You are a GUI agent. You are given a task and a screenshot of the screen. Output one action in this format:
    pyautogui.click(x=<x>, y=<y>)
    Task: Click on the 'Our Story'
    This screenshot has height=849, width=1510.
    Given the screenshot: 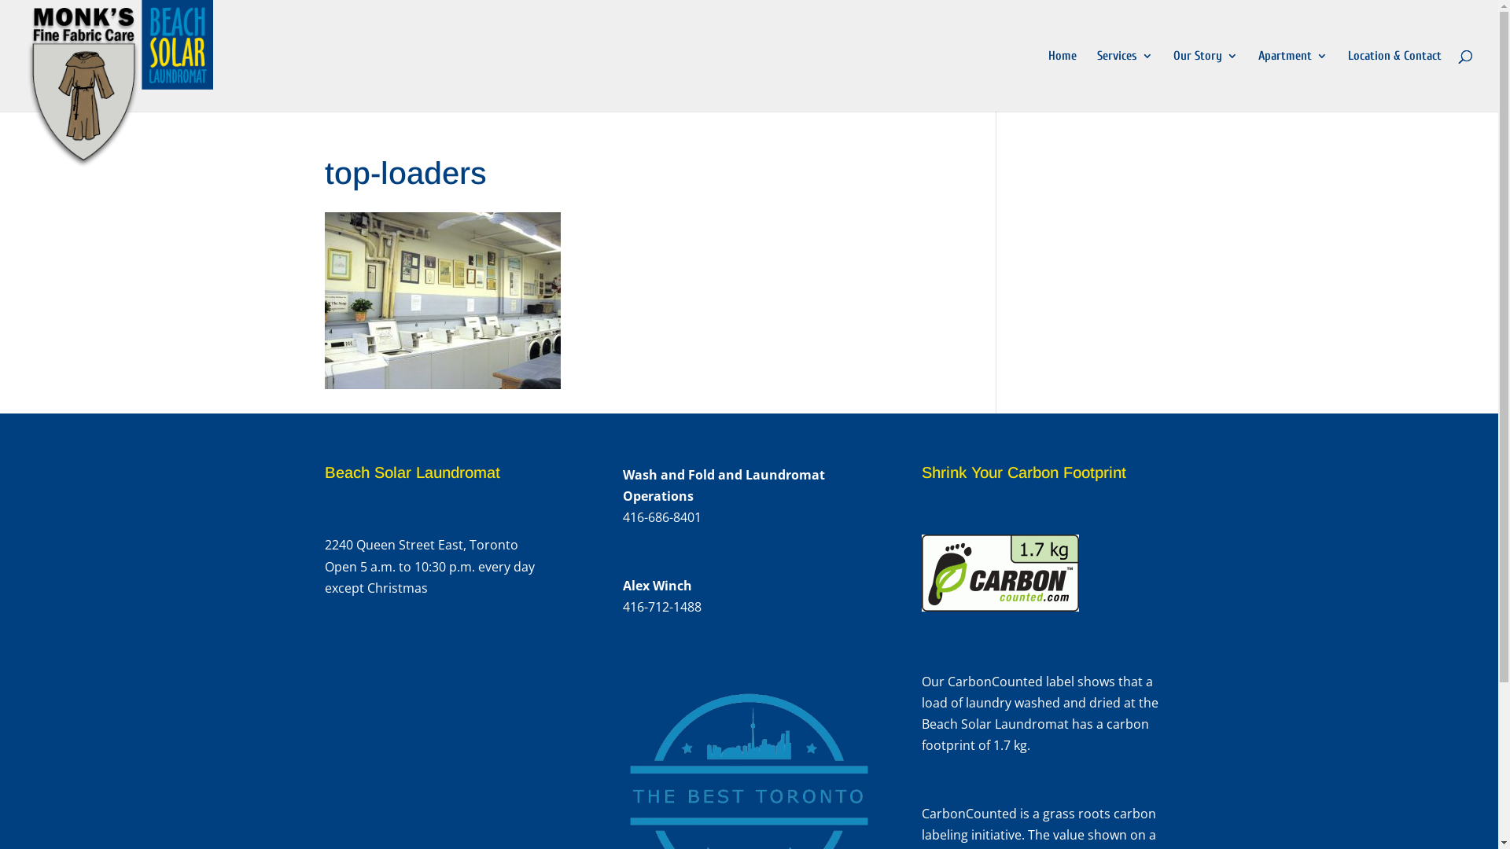 What is the action you would take?
    pyautogui.click(x=1204, y=81)
    